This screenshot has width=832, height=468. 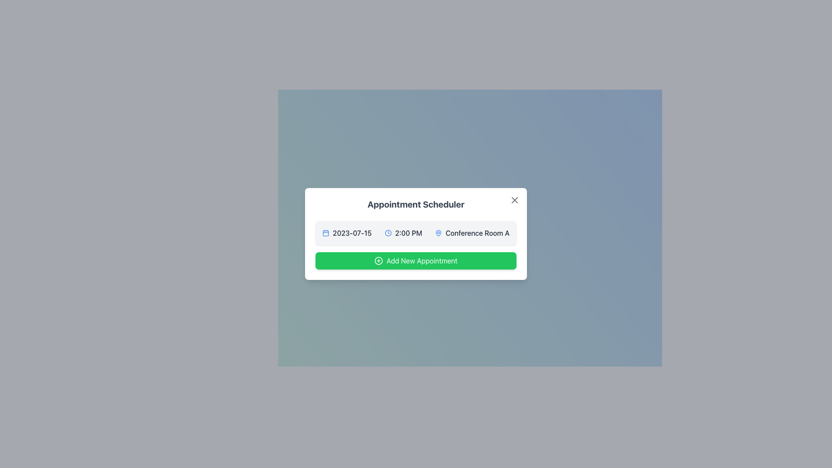 What do you see at coordinates (416, 260) in the screenshot?
I see `the green rectangular button labeled 'Add New Appointment' with a white plus icon` at bounding box center [416, 260].